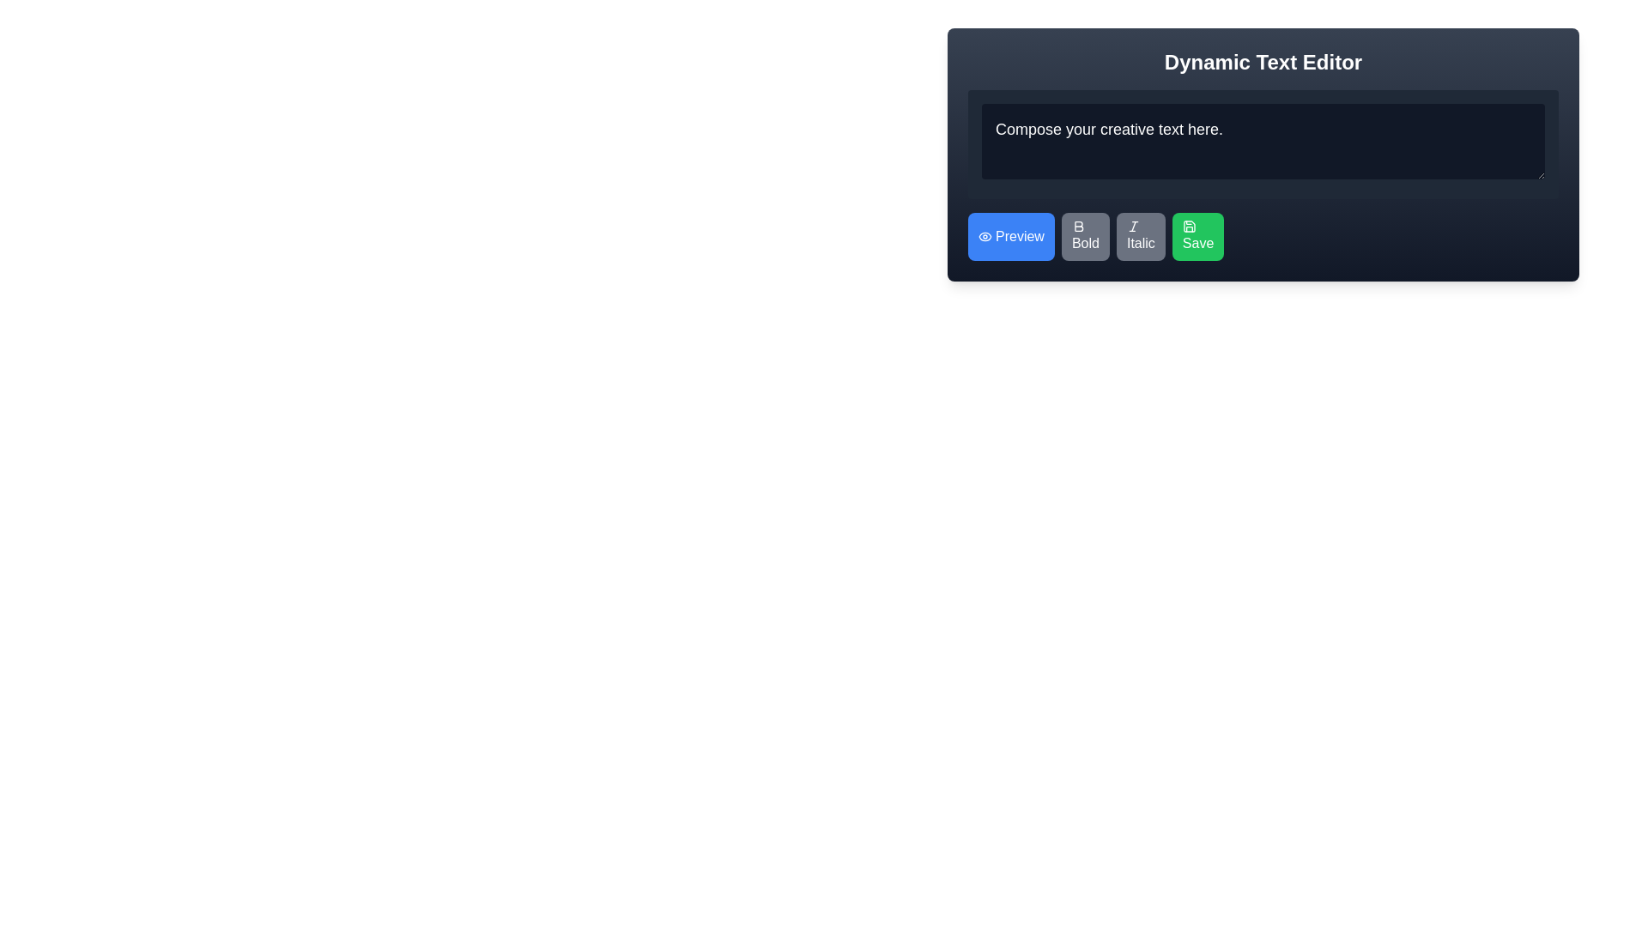 This screenshot has height=927, width=1648. What do you see at coordinates (1141, 237) in the screenshot?
I see `the 'Italic' button, which is the third button from the left in the text editor interface, to trigger its hover effect` at bounding box center [1141, 237].